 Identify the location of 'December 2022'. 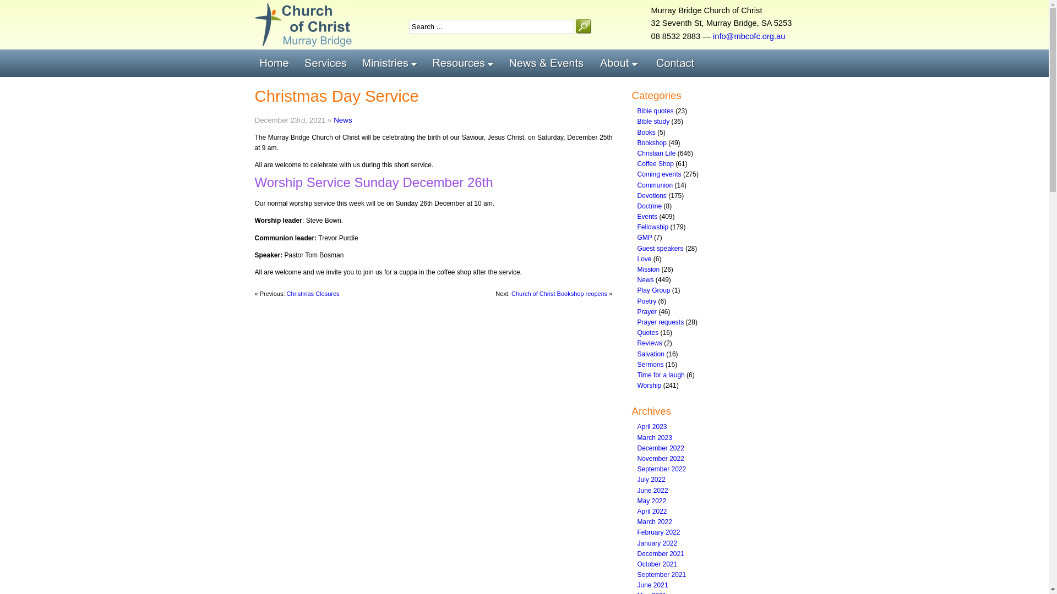
(661, 448).